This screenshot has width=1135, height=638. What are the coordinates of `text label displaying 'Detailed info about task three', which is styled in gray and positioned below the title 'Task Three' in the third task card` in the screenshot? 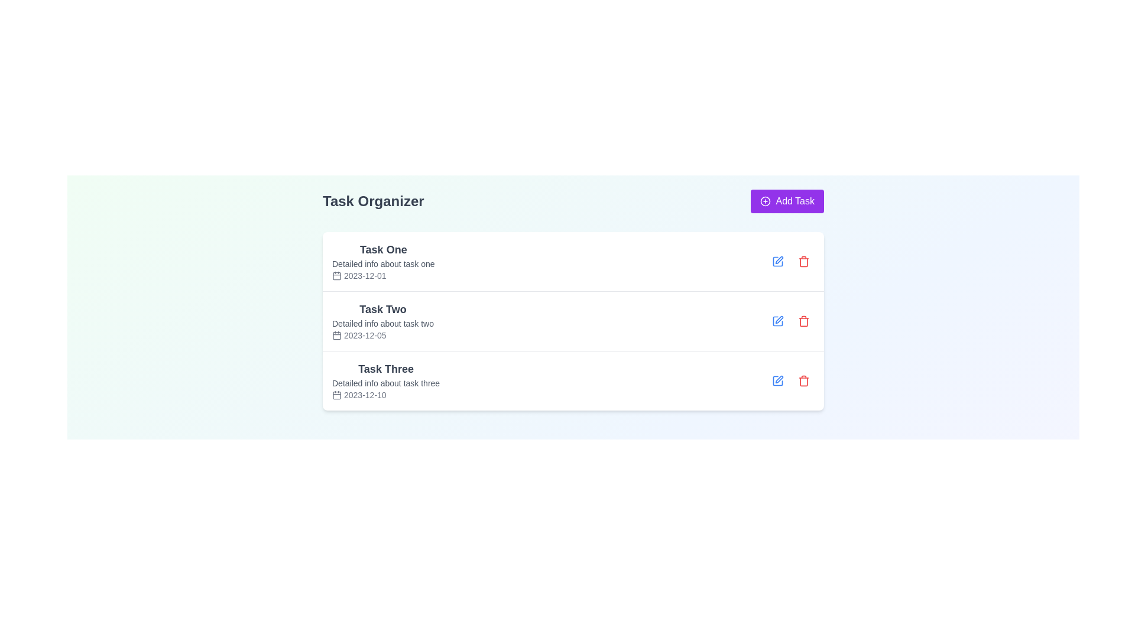 It's located at (385, 383).